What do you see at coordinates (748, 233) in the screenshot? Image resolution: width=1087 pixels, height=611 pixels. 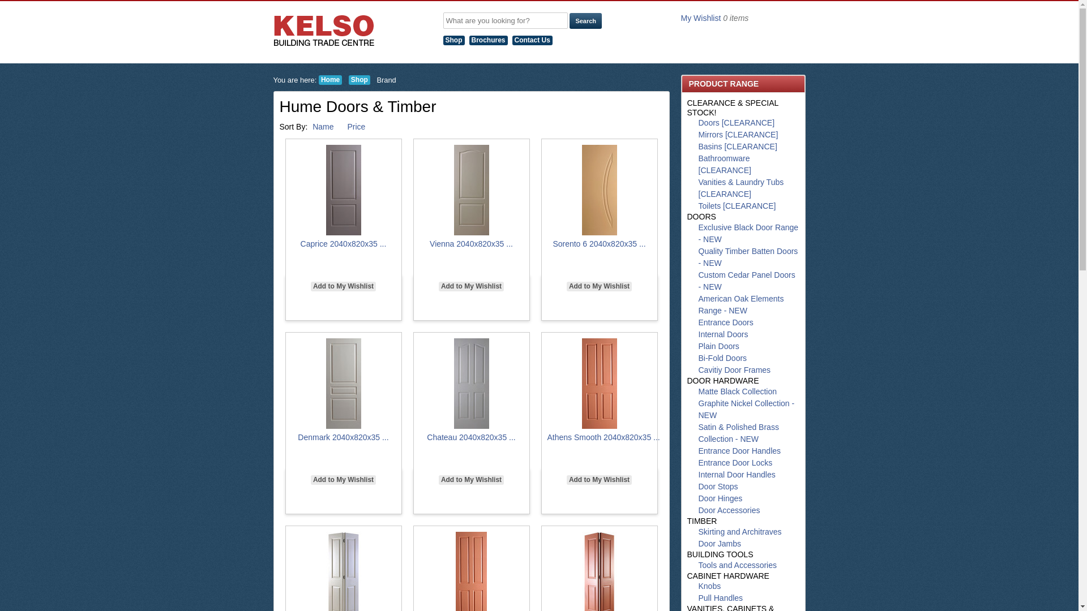 I see `'Exclusive Black Door Range - NEW'` at bounding box center [748, 233].